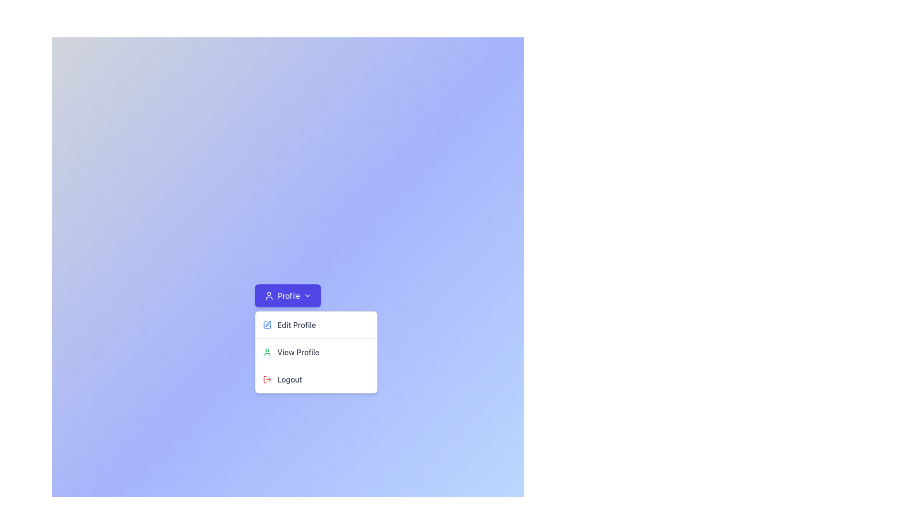 This screenshot has width=920, height=517. I want to click on the 'Edit Profile' text label, which is a medium-sized, gray-colored font with a slightly bold weight, located in the dropdown menu under the 'Profile' section, so click(296, 324).